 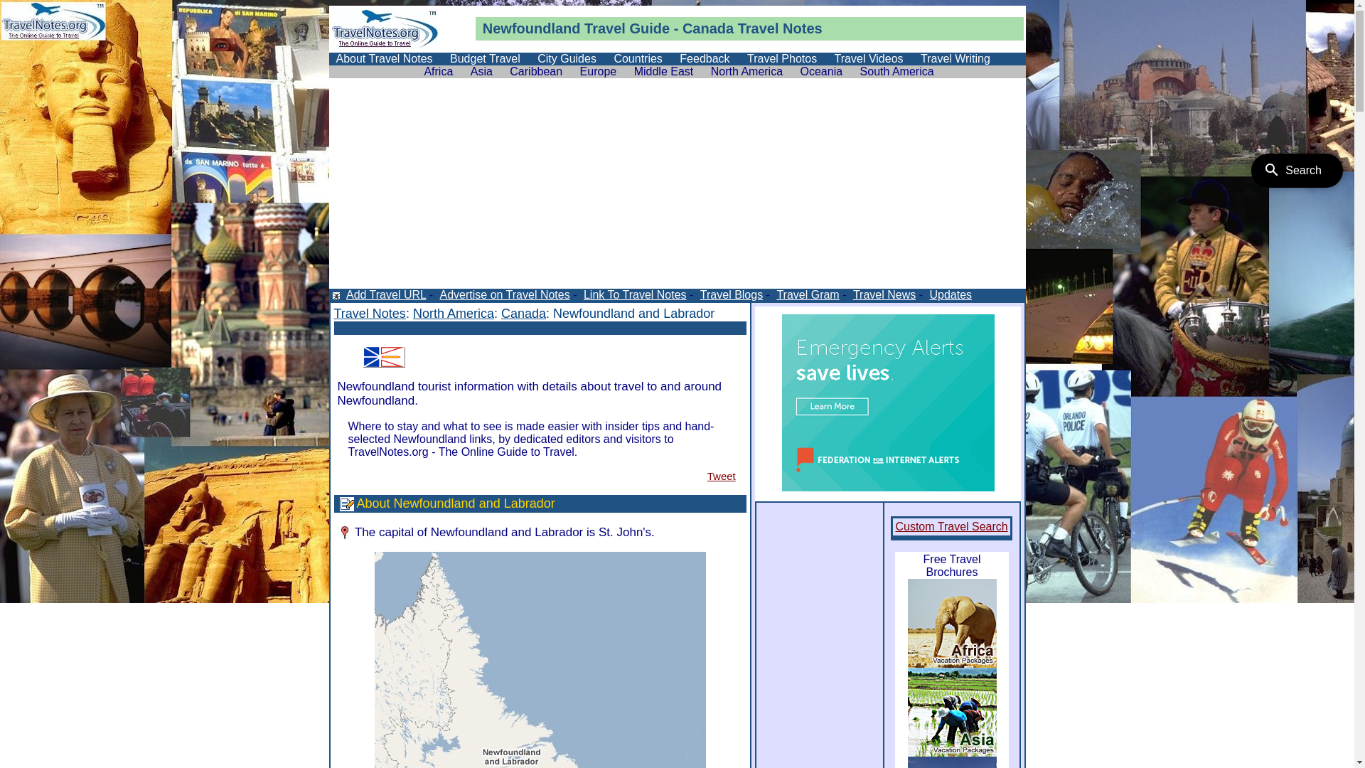 What do you see at coordinates (501, 312) in the screenshot?
I see `'Canada'` at bounding box center [501, 312].